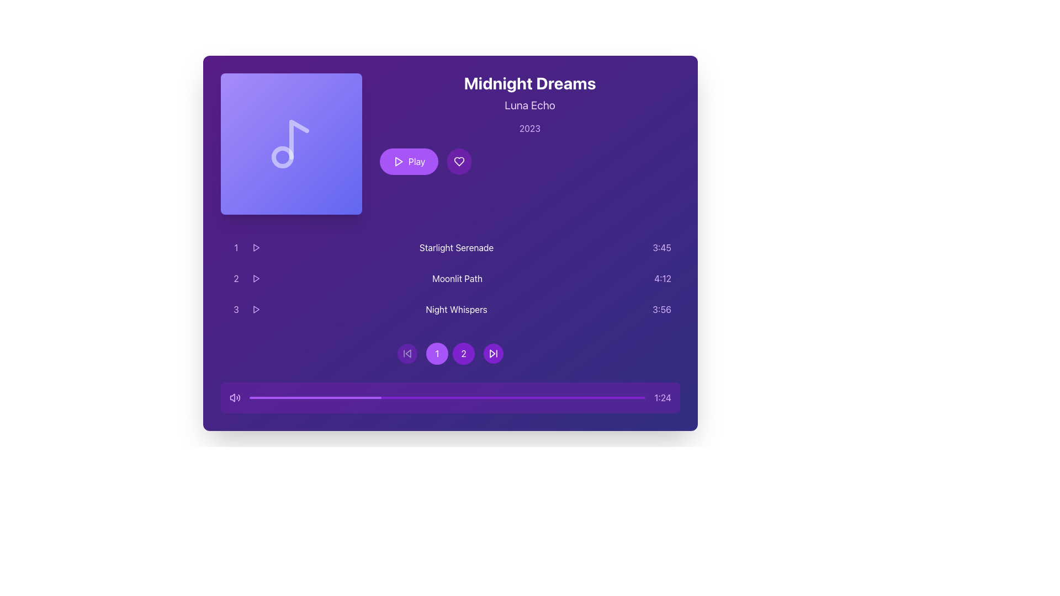 This screenshot has height=596, width=1060. I want to click on playback position, so click(380, 398).